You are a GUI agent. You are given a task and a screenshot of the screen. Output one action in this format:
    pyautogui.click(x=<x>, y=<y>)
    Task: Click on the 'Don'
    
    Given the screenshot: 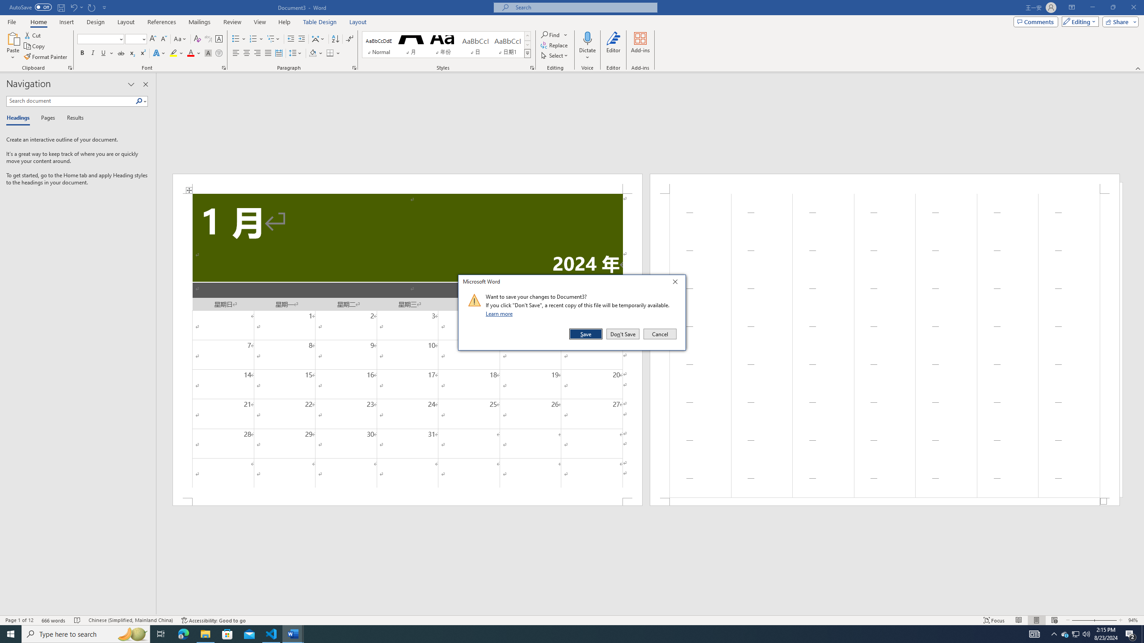 What is the action you would take?
    pyautogui.click(x=622, y=334)
    